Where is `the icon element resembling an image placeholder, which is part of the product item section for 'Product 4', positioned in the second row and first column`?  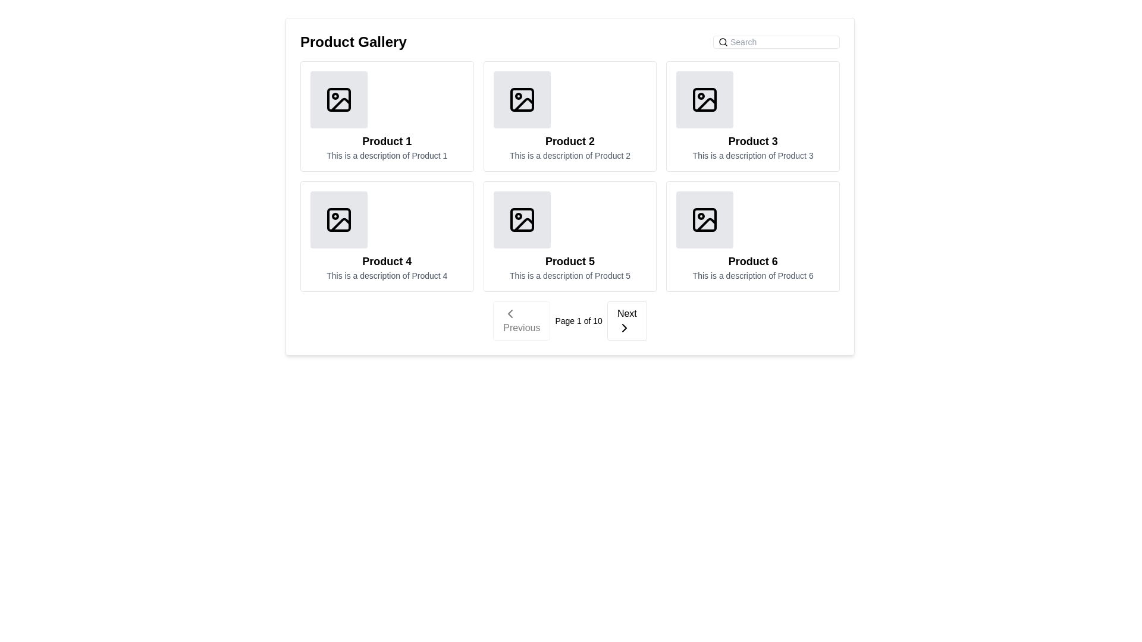 the icon element resembling an image placeholder, which is part of the product item section for 'Product 4', positioned in the second row and first column is located at coordinates (338, 220).